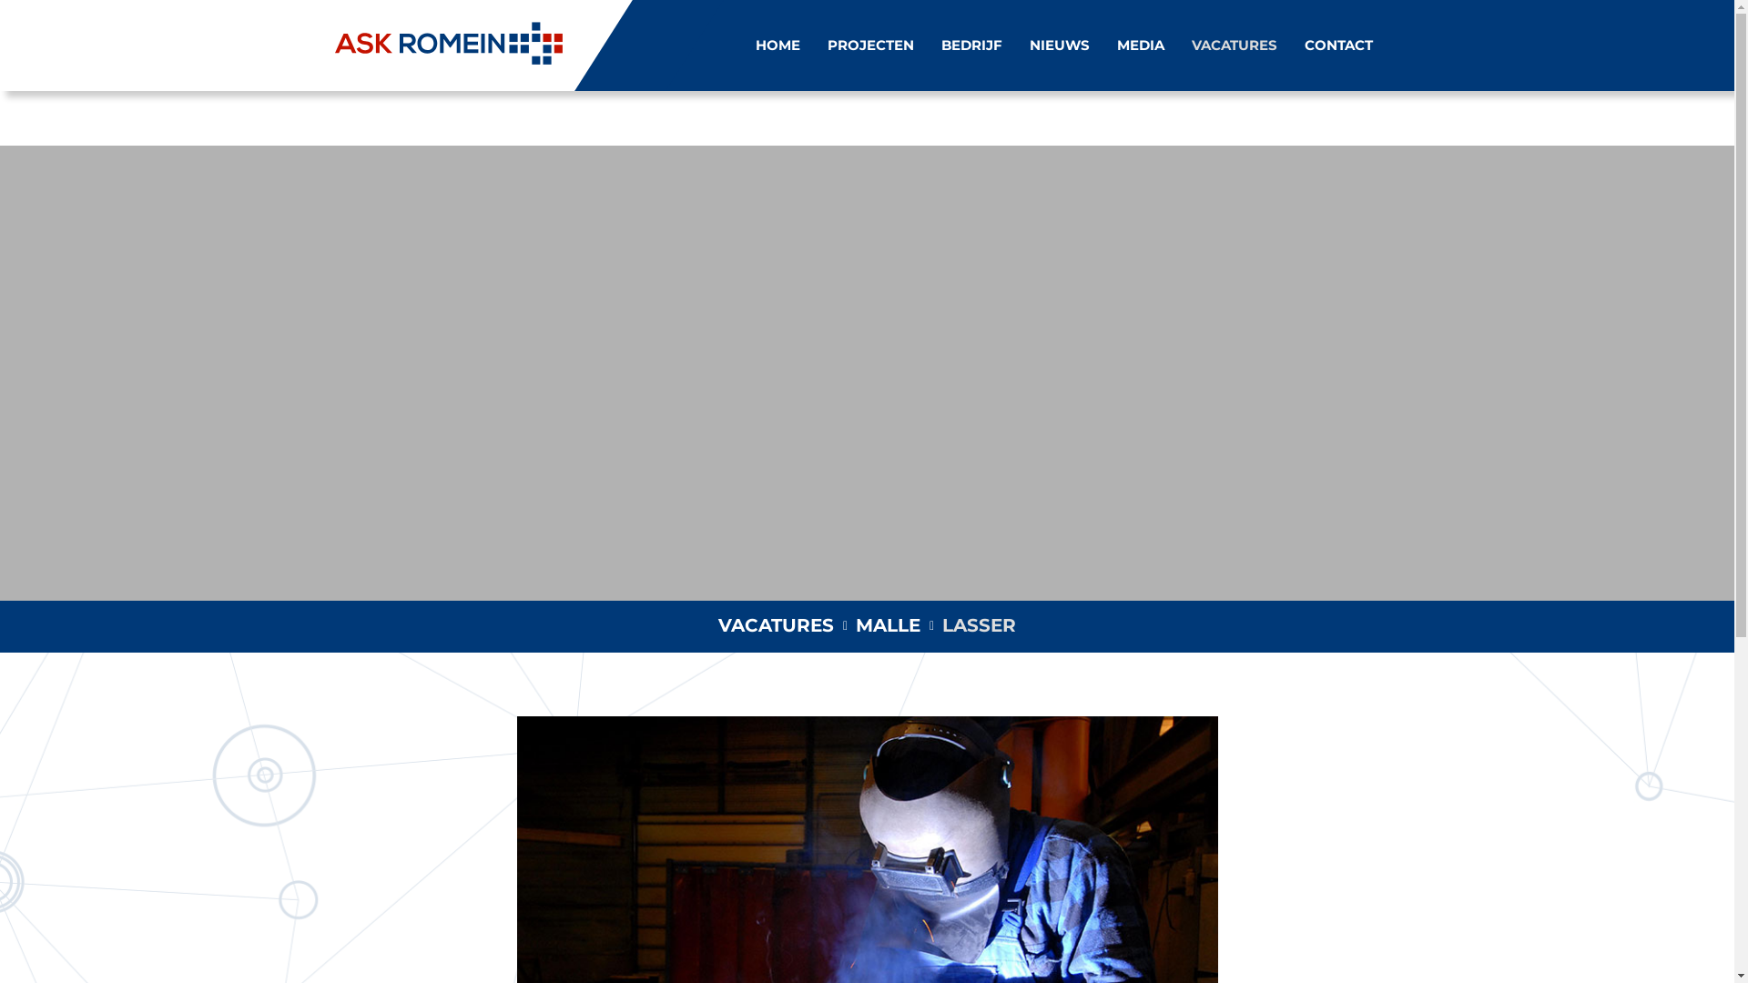 The height and width of the screenshot is (983, 1748). What do you see at coordinates (940, 45) in the screenshot?
I see `'BEDRIJF'` at bounding box center [940, 45].